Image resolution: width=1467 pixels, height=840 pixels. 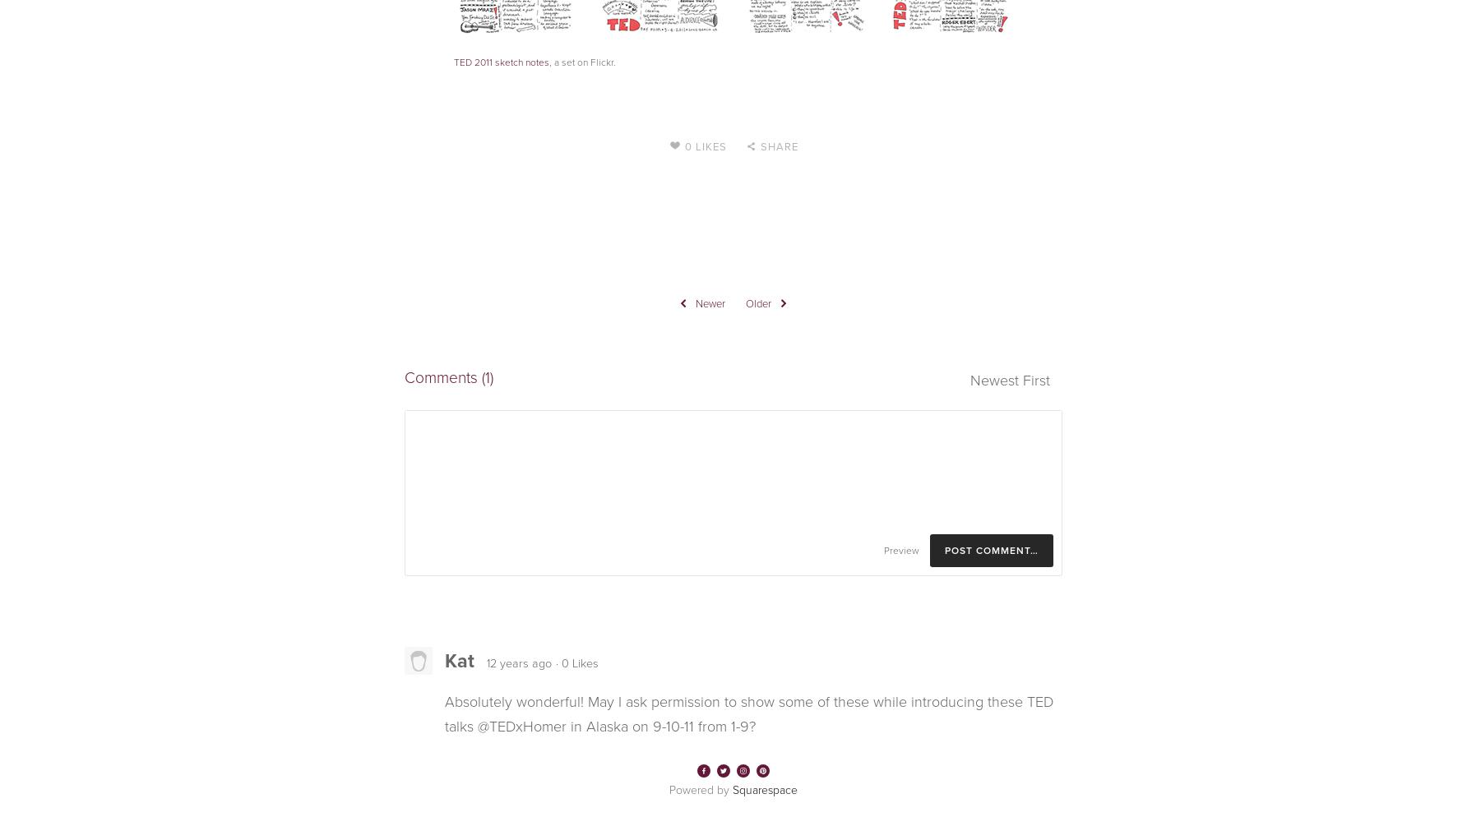 I want to click on '0 Likes', so click(x=683, y=145).